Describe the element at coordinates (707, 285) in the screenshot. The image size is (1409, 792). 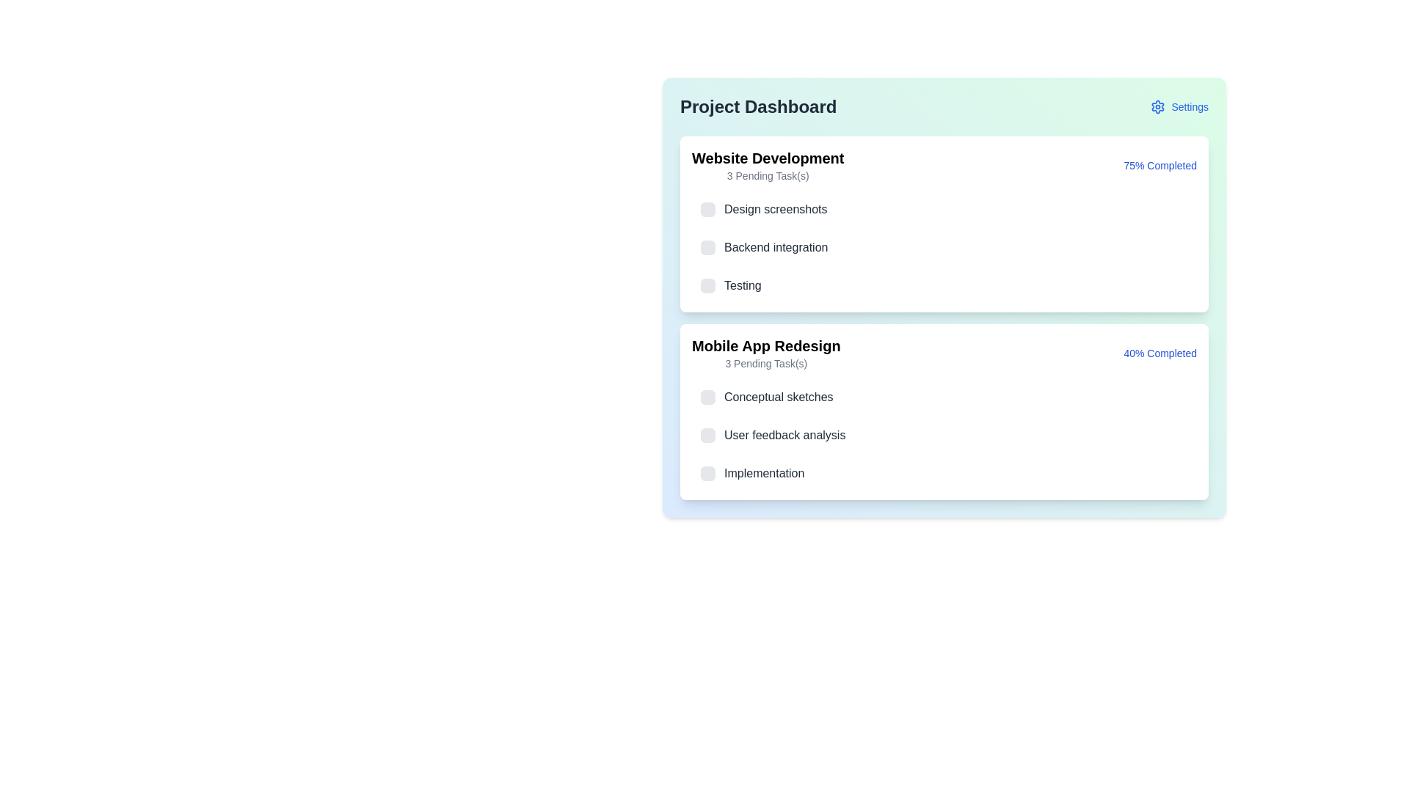
I see `the interactive toggle or checkbox icon, which is a rounded square with a light gray background located to the left of the 'Testing' label in the 'Website Development' section` at that location.